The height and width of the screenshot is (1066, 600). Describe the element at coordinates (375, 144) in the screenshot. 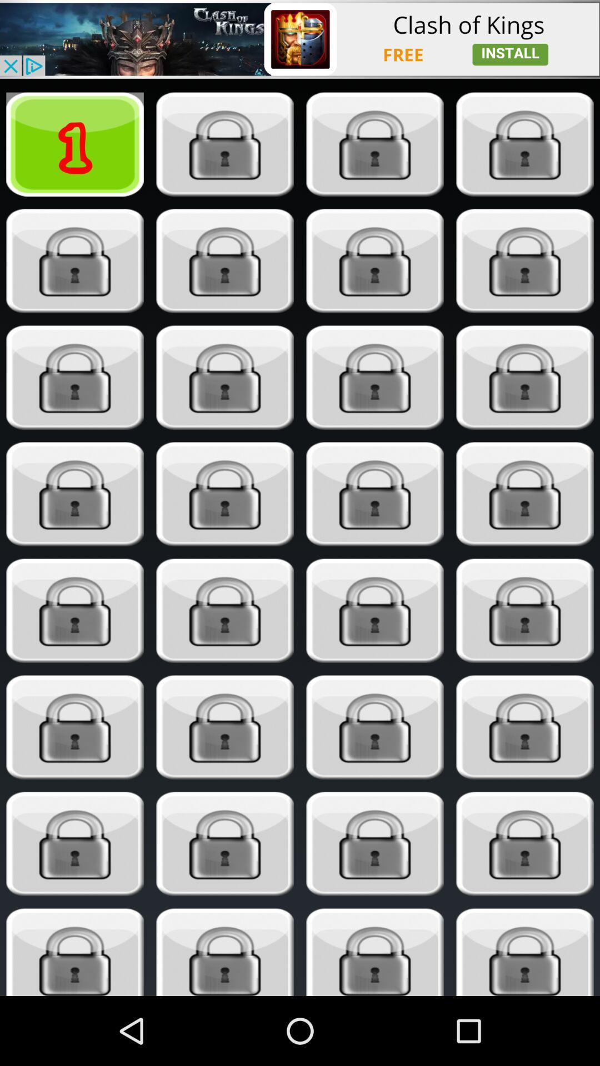

I see `unlock` at that location.